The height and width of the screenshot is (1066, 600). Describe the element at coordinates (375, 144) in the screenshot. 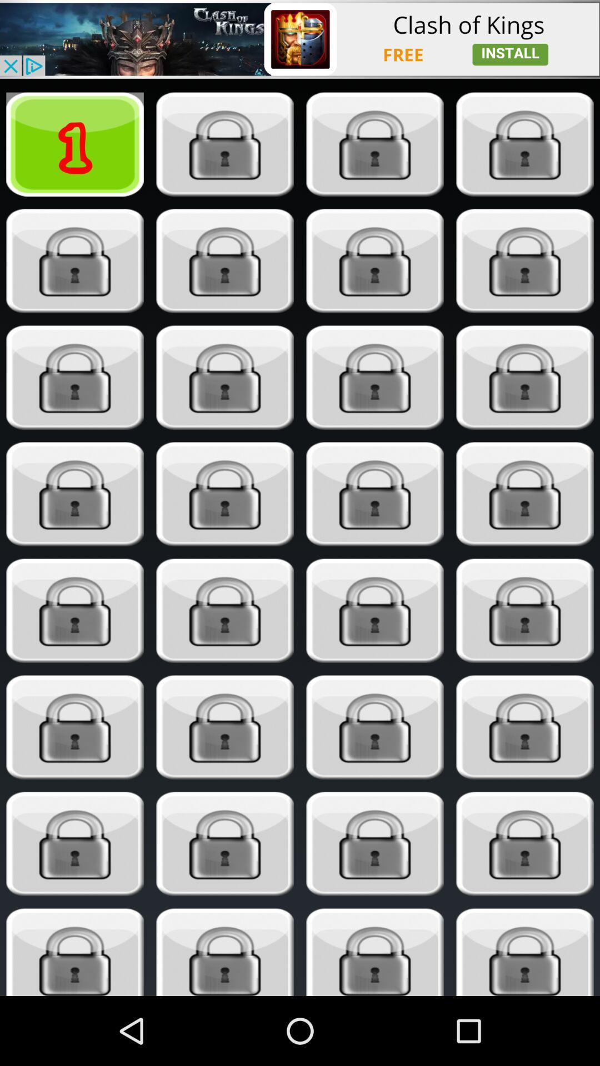

I see `unlock` at that location.